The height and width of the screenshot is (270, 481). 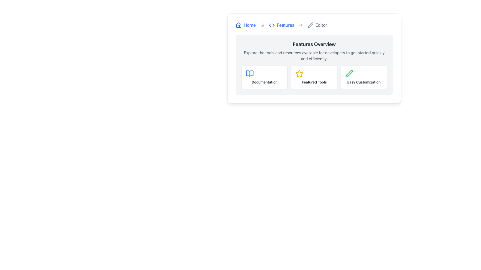 What do you see at coordinates (349, 73) in the screenshot?
I see `the green-colored pen icon located within the 'Easy Customization' card in the grid under 'Features Overview.'` at bounding box center [349, 73].